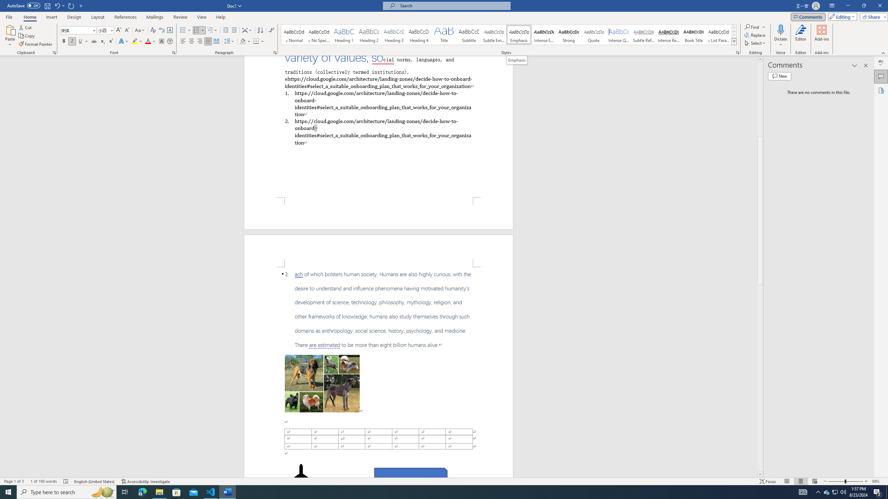 The width and height of the screenshot is (888, 499). What do you see at coordinates (301, 478) in the screenshot?
I see `'Airplane with solid fill'` at bounding box center [301, 478].